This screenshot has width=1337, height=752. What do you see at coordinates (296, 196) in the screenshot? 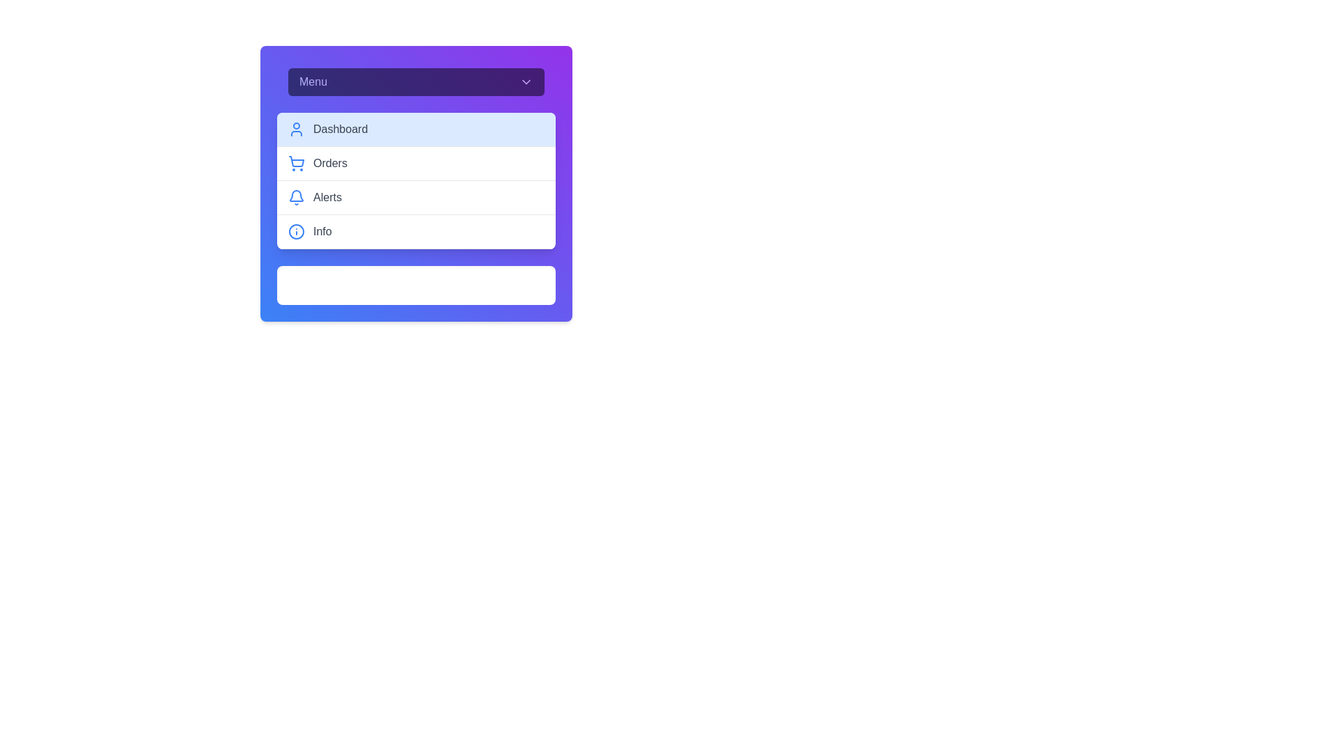
I see `the bell icon indicating notifications located in the third row of the list labeled 'Alerts', which is aligned horizontally with its label and within the purple-bordered menu box` at bounding box center [296, 196].